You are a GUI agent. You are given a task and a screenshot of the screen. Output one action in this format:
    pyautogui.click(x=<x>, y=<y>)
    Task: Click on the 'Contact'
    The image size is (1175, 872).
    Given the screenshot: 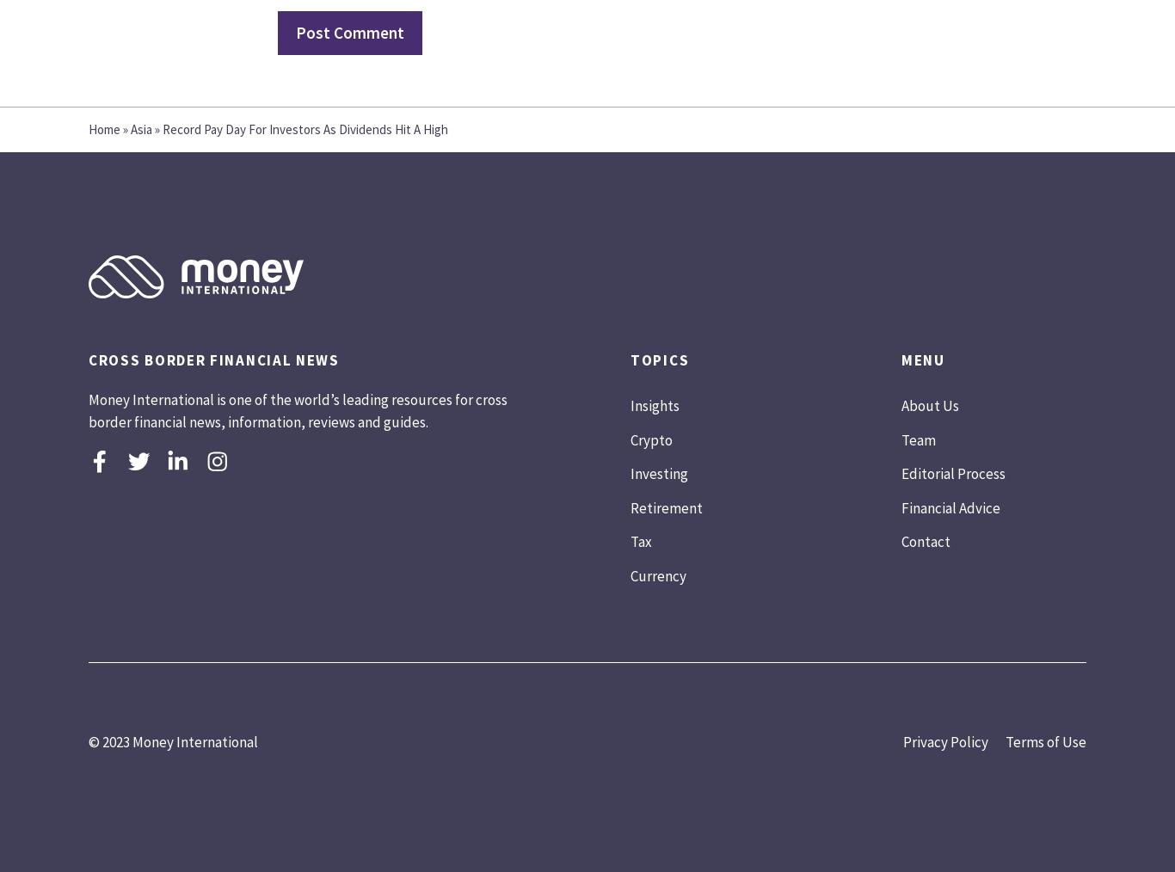 What is the action you would take?
    pyautogui.click(x=925, y=541)
    